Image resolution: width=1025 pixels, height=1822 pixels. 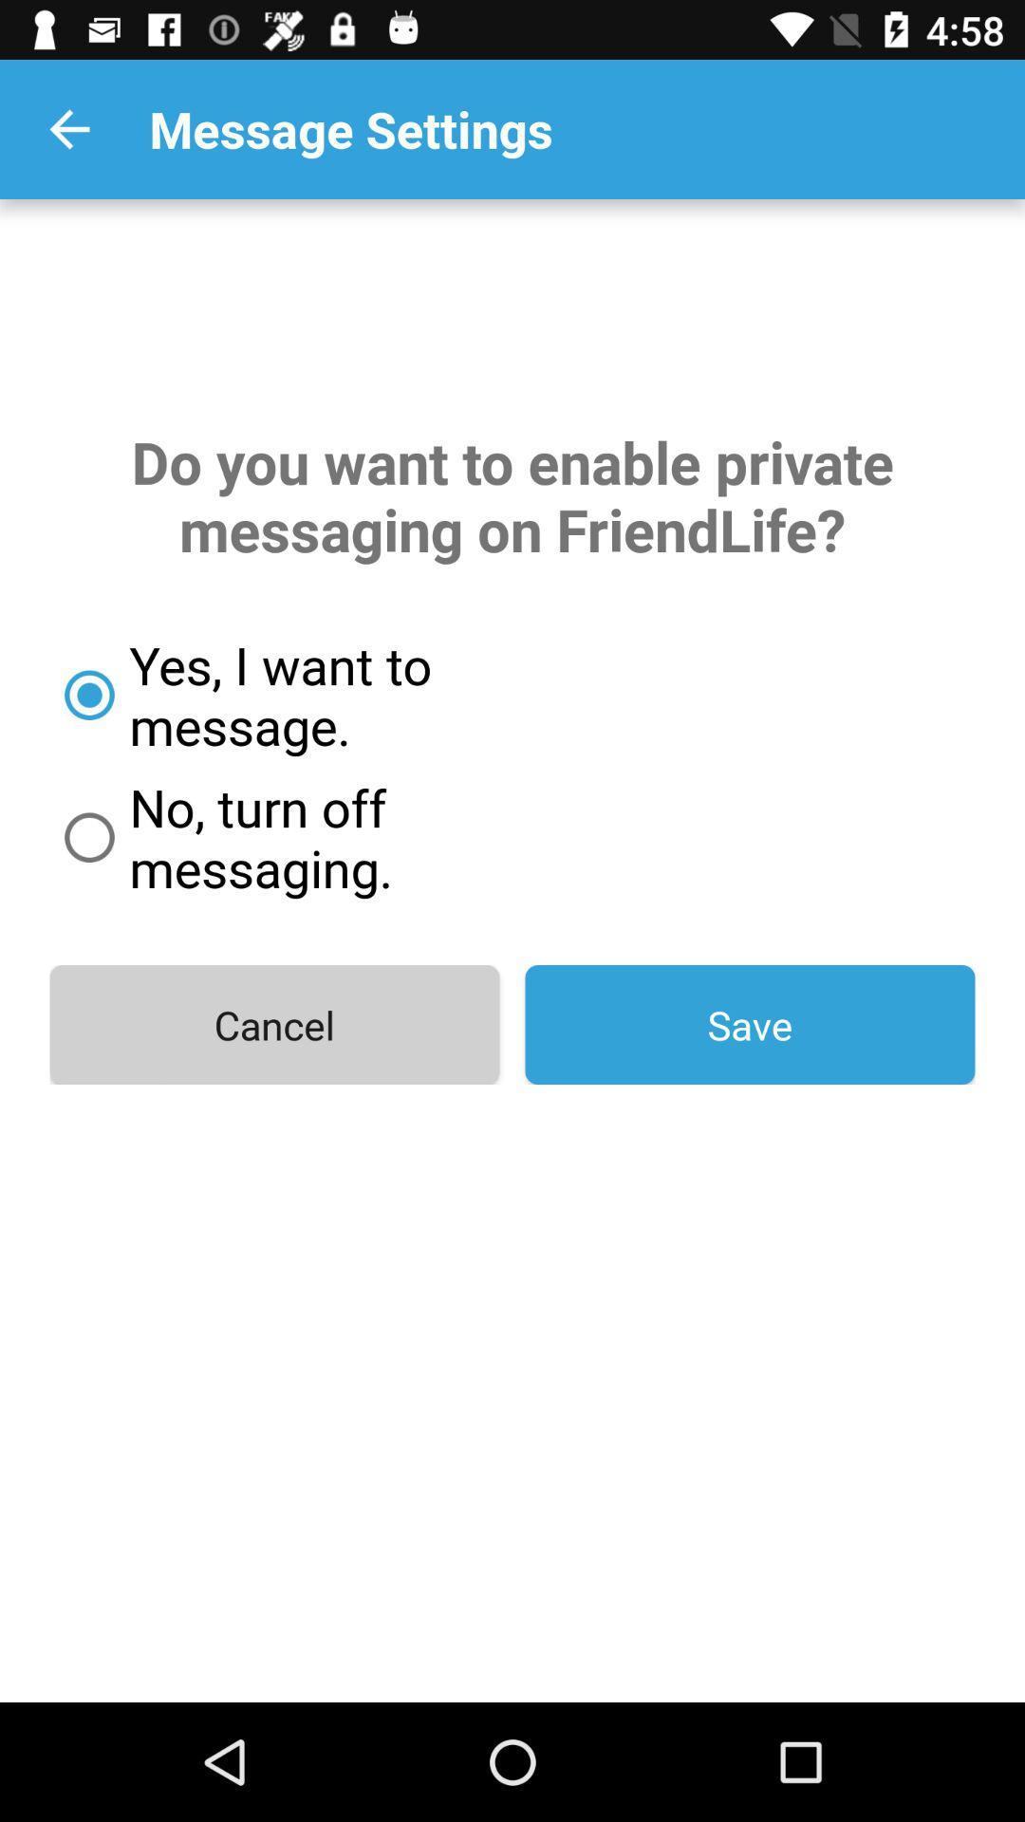 What do you see at coordinates (749, 1024) in the screenshot?
I see `item to the right of the cancel` at bounding box center [749, 1024].